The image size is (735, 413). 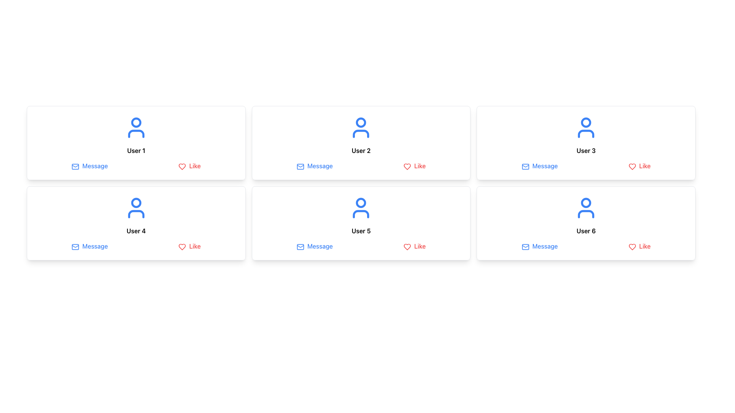 What do you see at coordinates (136, 150) in the screenshot?
I see `the text label displaying the username or title associated with the user profile, positioned under the blue user avatar and above the 'Message' and 'Like' elements in the card layout` at bounding box center [136, 150].